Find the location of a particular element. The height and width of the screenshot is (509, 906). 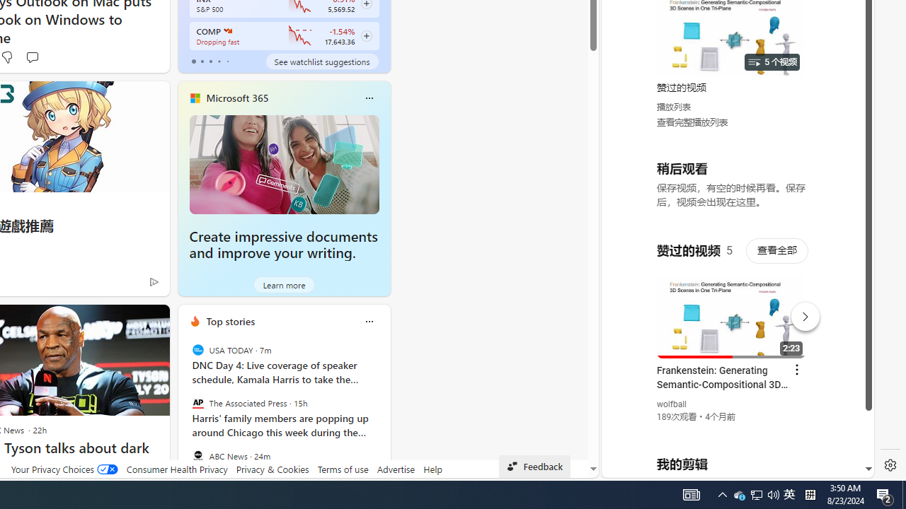

'YouTube' is located at coordinates (732, 305).